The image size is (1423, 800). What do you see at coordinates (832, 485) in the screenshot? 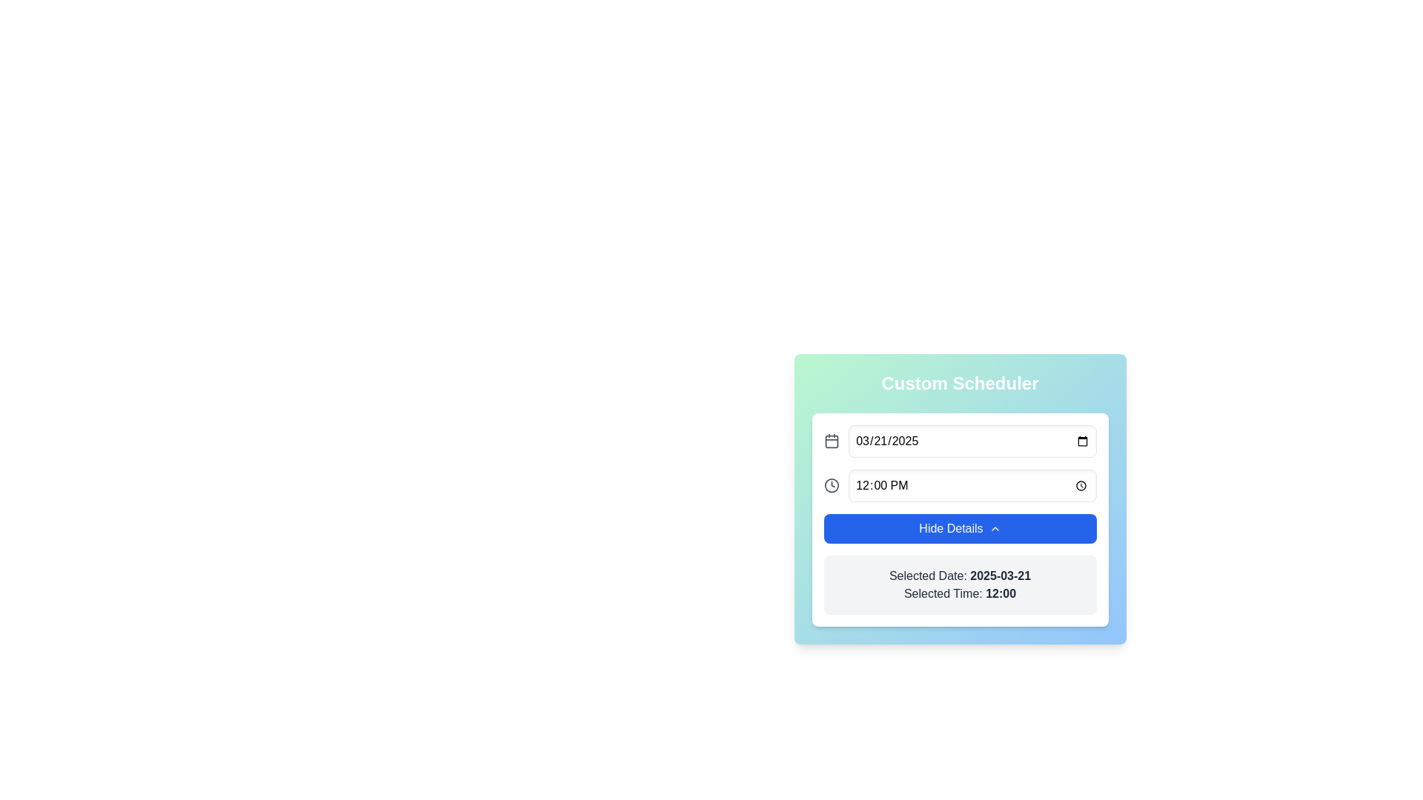
I see `the SVG Circle that represents the clock's face, located centrally within the clock icon adjacent to the '12:00 PM' time input field` at bounding box center [832, 485].